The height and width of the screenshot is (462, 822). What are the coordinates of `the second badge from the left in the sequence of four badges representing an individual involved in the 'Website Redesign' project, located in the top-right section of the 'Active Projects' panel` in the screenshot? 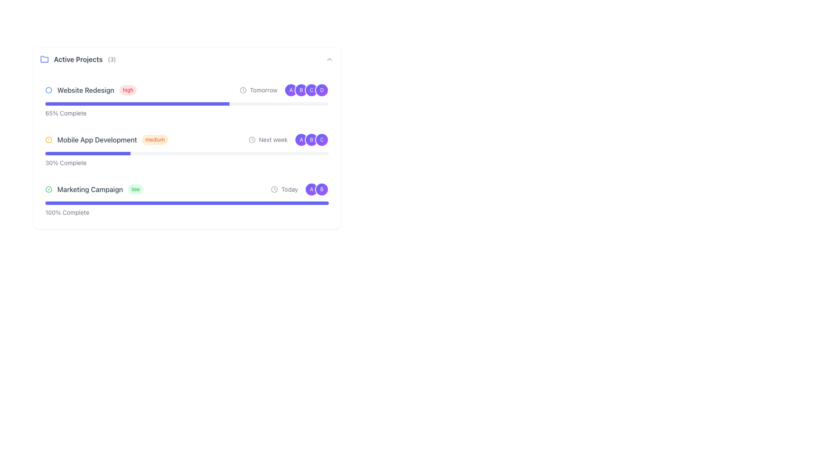 It's located at (301, 90).